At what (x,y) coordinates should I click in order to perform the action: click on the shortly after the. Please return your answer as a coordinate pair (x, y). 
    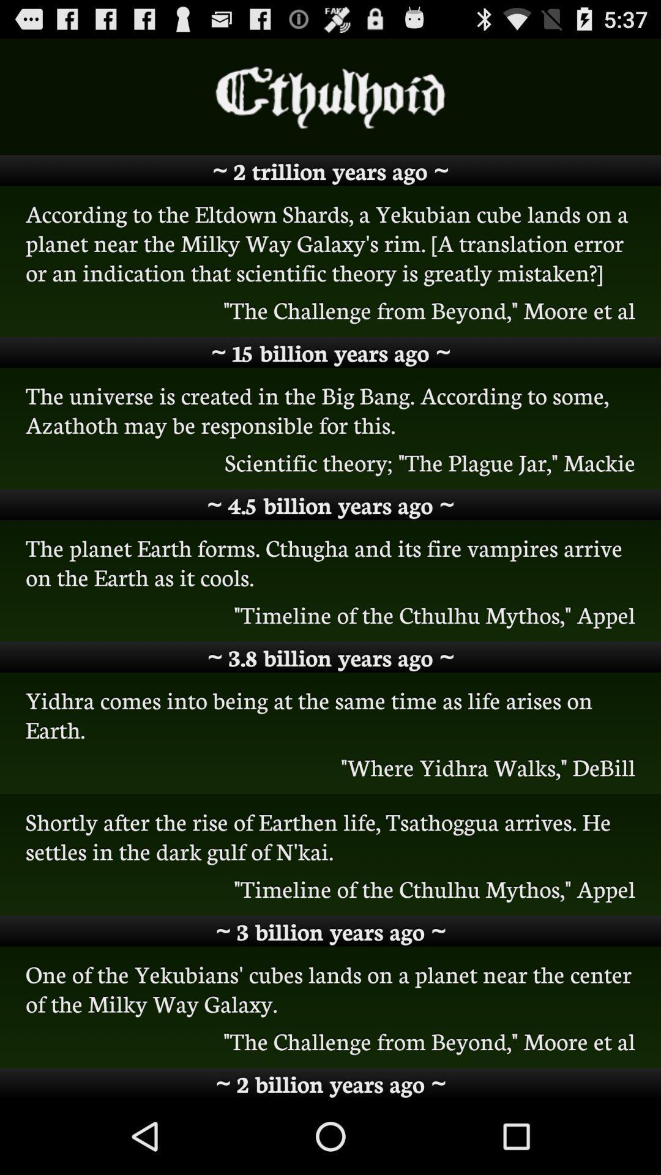
    Looking at the image, I should click on (330, 835).